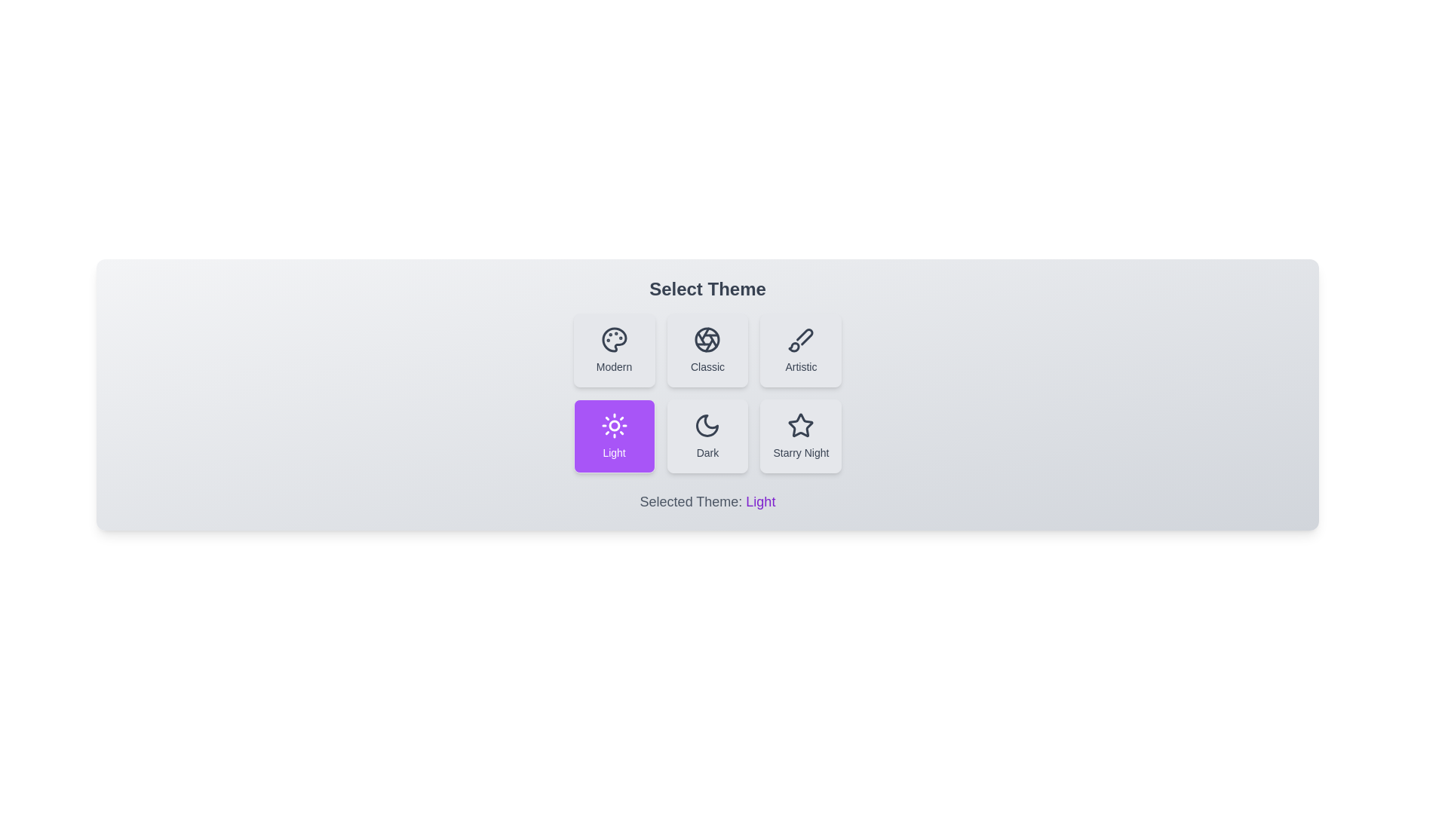  Describe the element at coordinates (614, 436) in the screenshot. I see `the theme button labeled 'Light' to preview its effect` at that location.